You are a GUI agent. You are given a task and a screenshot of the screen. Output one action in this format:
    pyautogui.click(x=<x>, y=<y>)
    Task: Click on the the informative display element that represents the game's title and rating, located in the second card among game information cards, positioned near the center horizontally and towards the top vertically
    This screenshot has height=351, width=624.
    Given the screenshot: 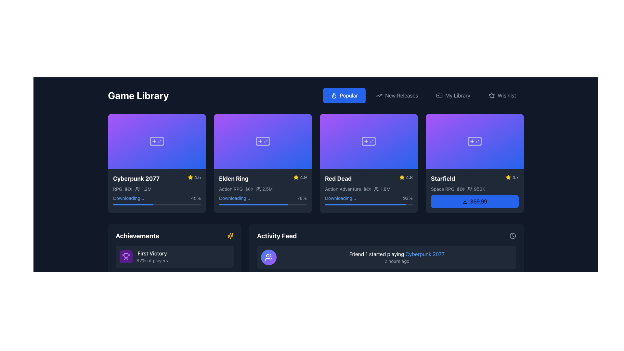 What is the action you would take?
    pyautogui.click(x=263, y=178)
    